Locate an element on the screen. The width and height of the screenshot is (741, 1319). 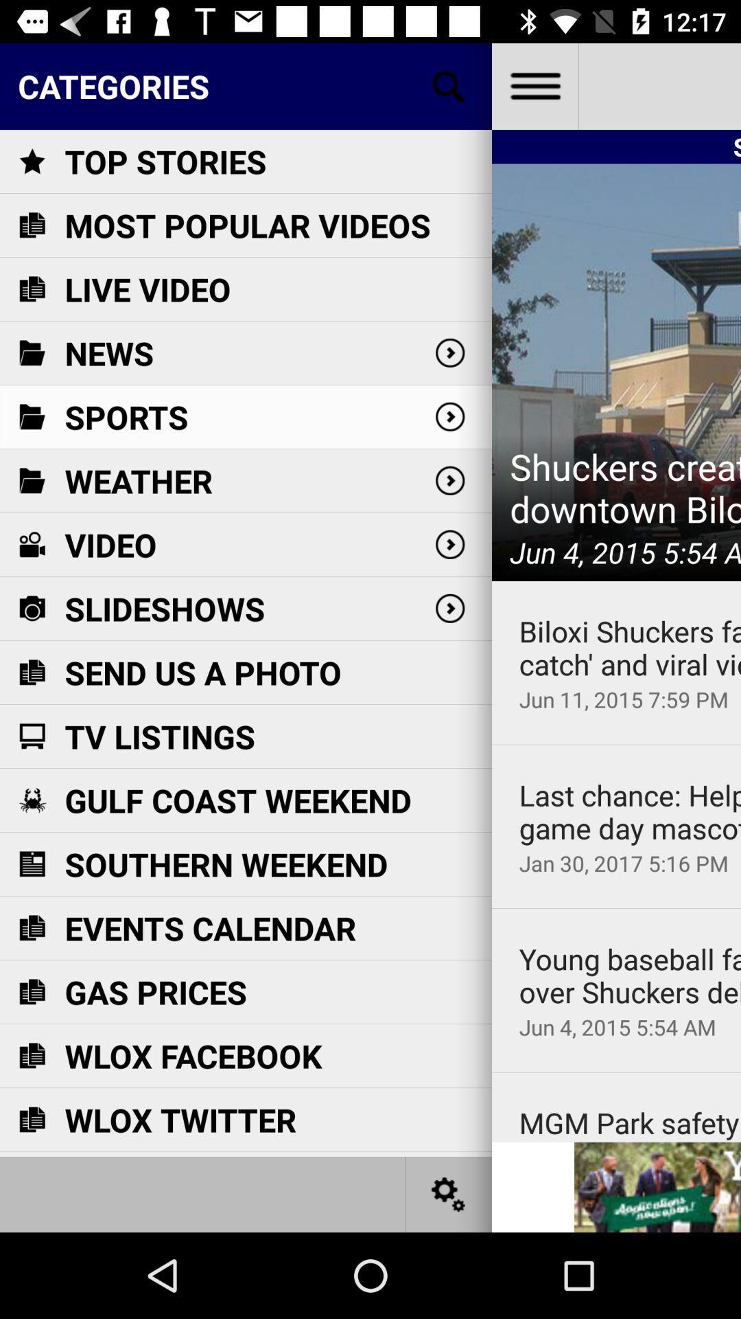
the icon beside news is located at coordinates (31, 352).